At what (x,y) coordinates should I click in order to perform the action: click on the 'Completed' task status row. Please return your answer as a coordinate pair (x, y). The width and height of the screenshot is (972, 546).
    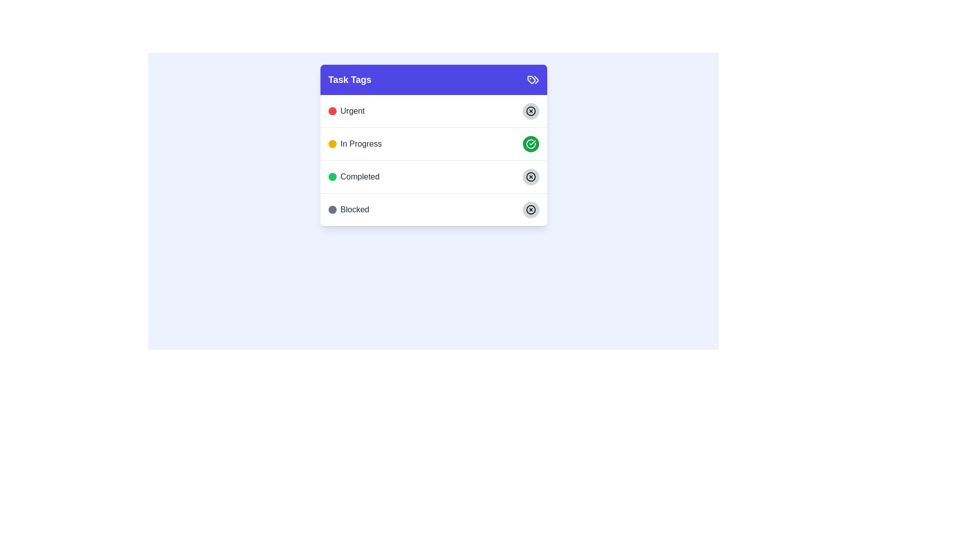
    Looking at the image, I should click on (433, 176).